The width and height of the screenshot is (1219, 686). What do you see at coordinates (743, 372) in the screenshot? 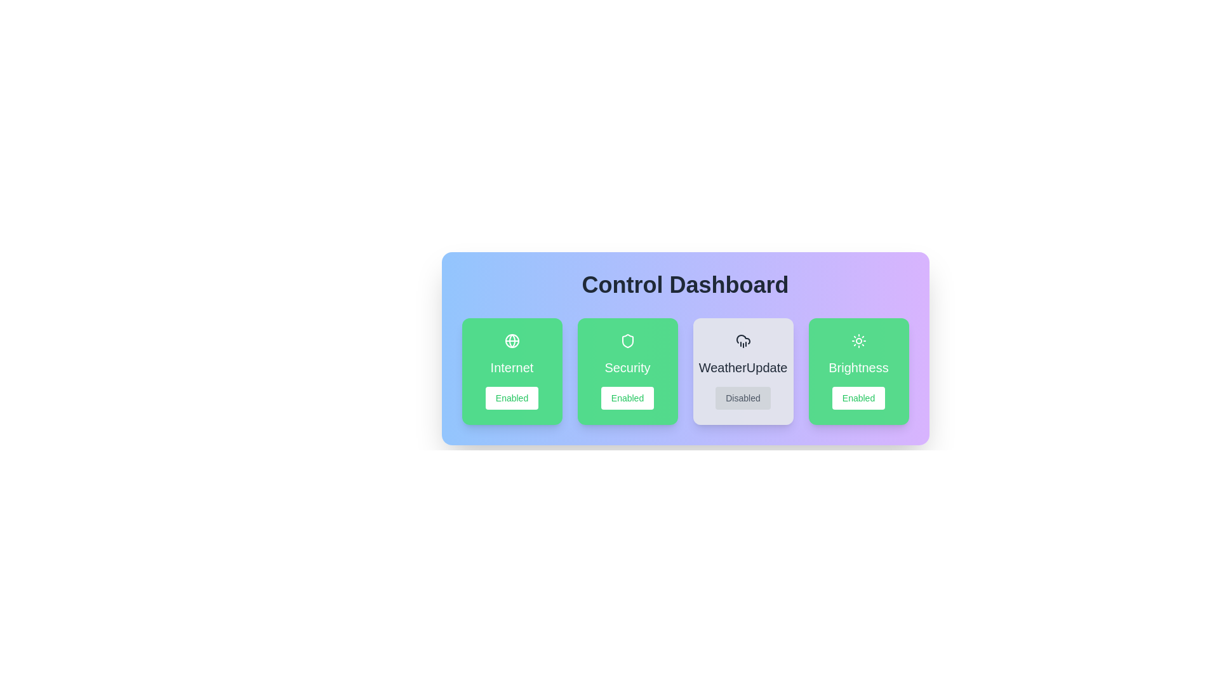
I see `the card representing WeatherUpdate` at bounding box center [743, 372].